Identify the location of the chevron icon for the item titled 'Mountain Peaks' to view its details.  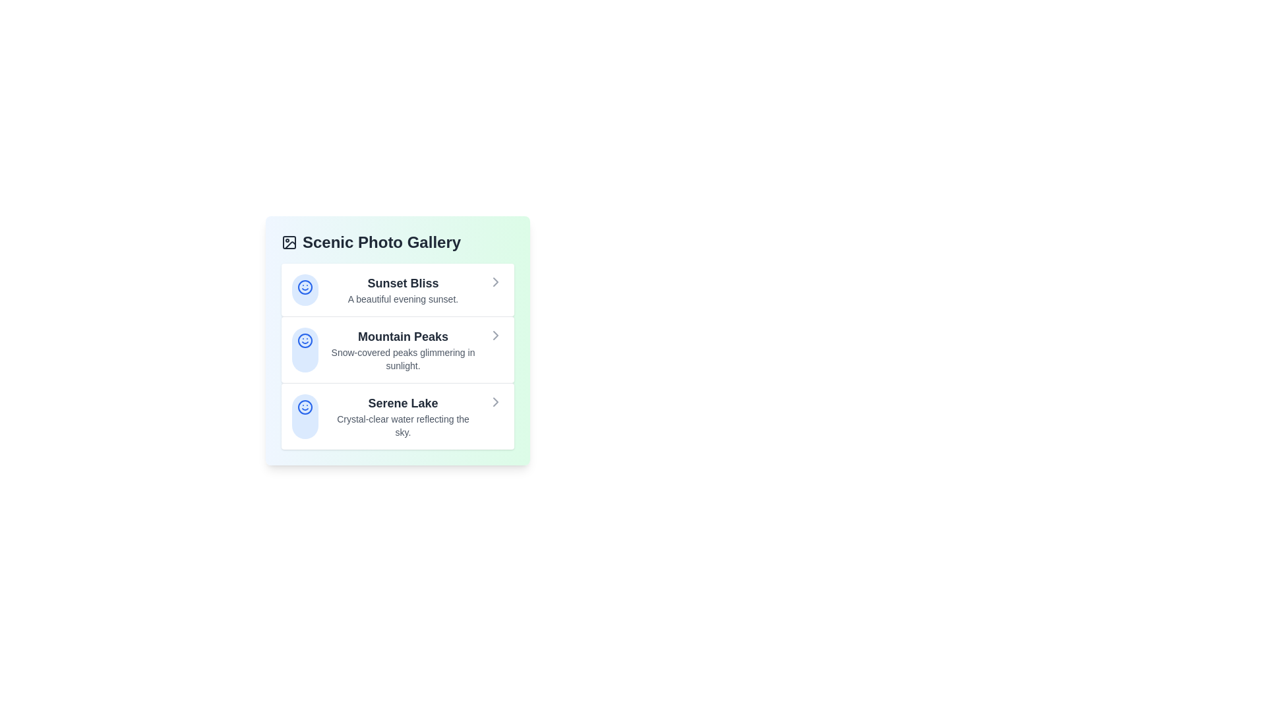
(495, 335).